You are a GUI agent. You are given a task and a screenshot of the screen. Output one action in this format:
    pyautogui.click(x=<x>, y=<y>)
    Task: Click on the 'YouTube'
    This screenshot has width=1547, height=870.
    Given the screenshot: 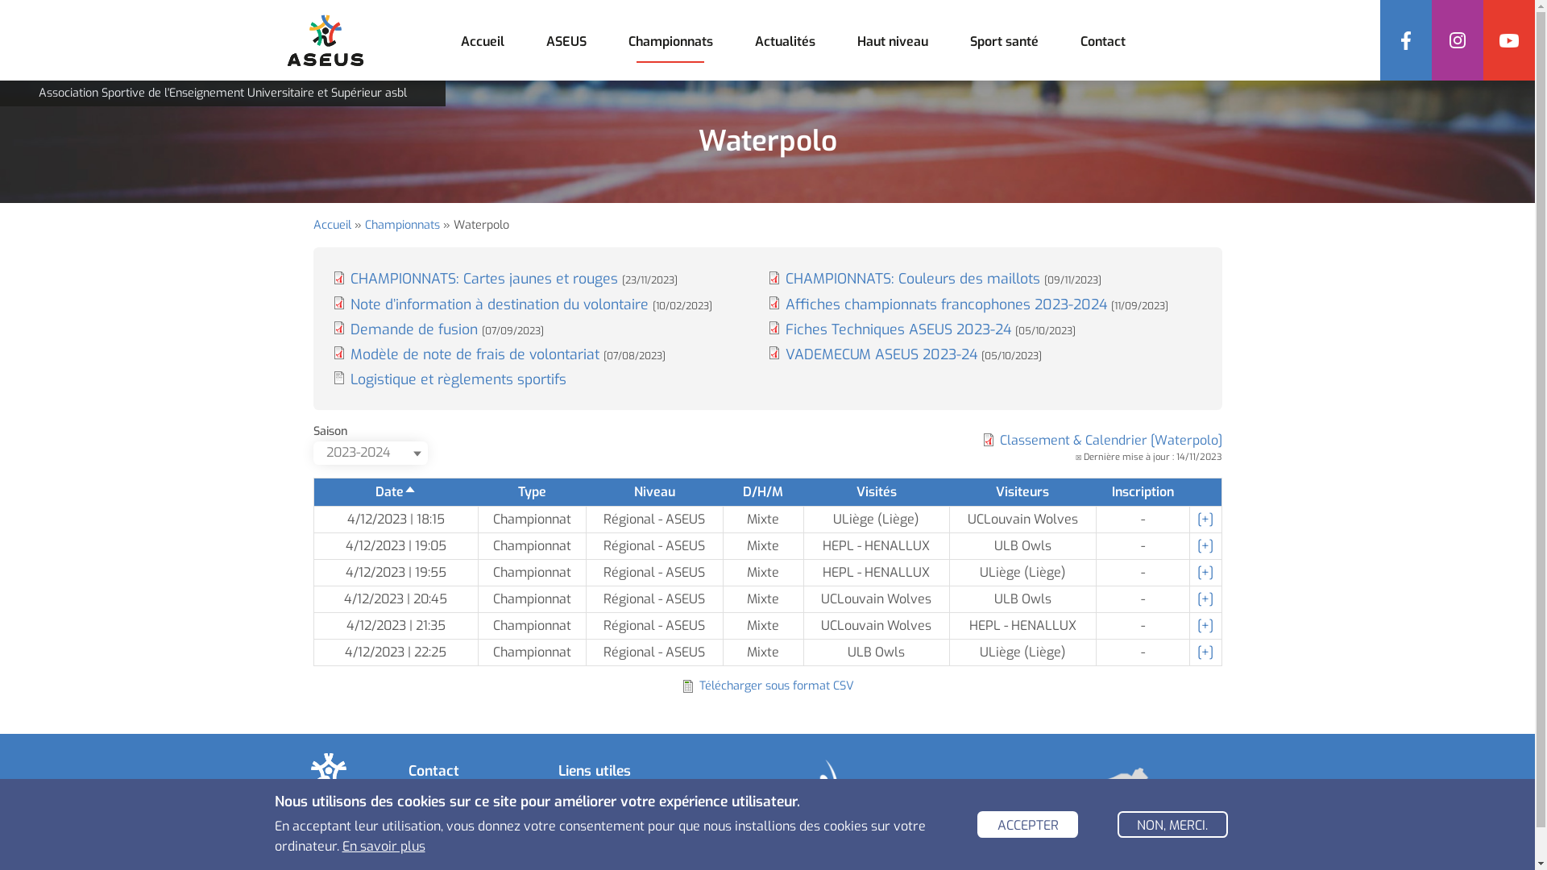 What is the action you would take?
    pyautogui.click(x=1508, y=39)
    